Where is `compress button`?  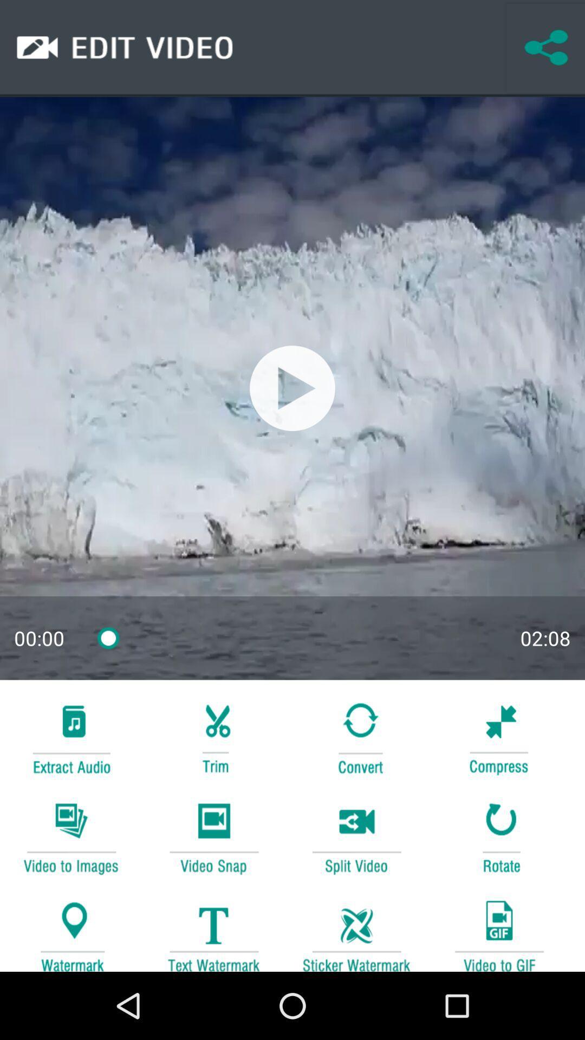
compress button is located at coordinates (499, 737).